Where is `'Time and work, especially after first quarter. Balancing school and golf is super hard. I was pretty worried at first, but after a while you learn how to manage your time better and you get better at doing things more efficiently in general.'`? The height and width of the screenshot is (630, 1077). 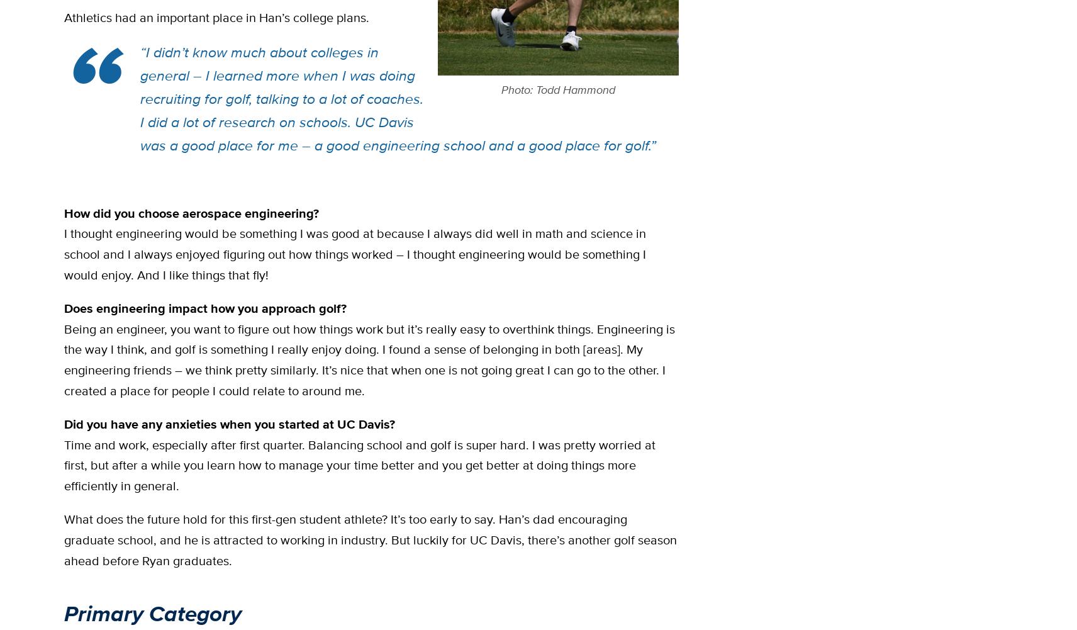 'Time and work, especially after first quarter. Balancing school and golf is super hard. I was pretty worried at first, but after a while you learn how to manage your time better and you get better at doing things more efficiently in general.' is located at coordinates (359, 464).